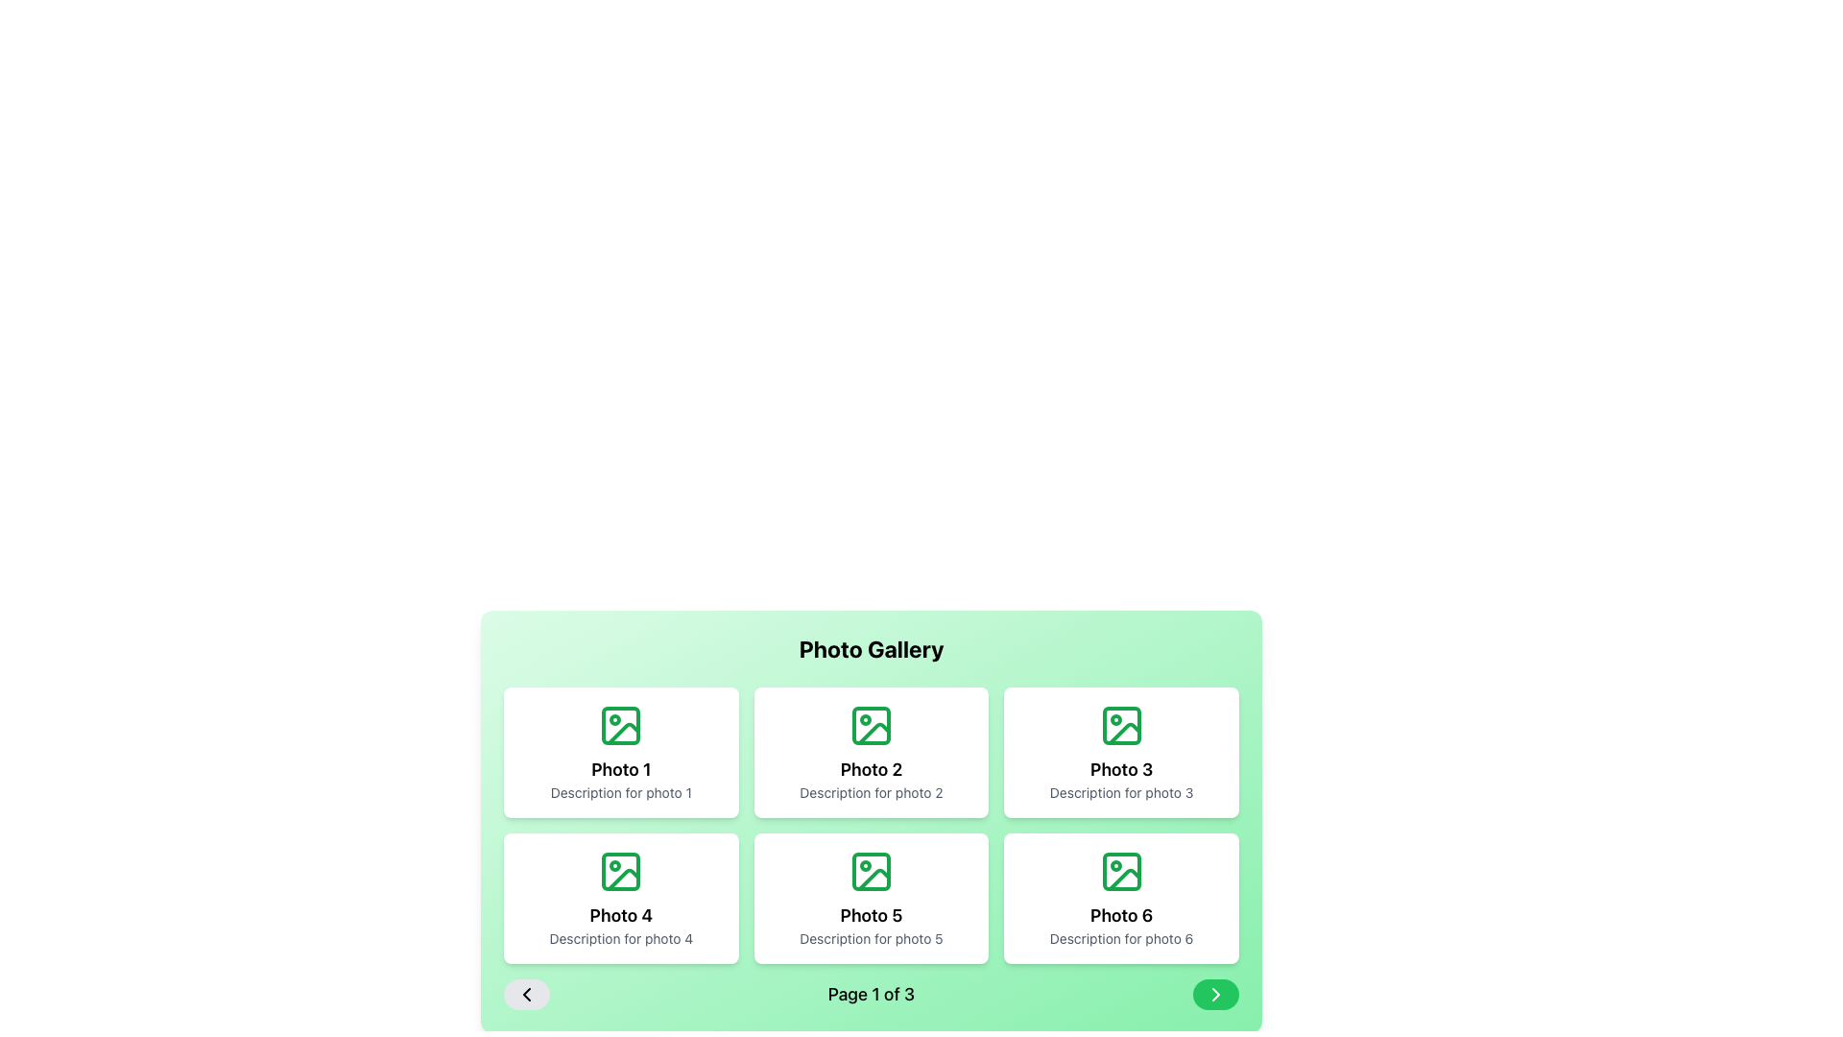  I want to click on the sixth Card component in the bottom-right corner of a 2-row, 3-column grid, so click(1120, 899).